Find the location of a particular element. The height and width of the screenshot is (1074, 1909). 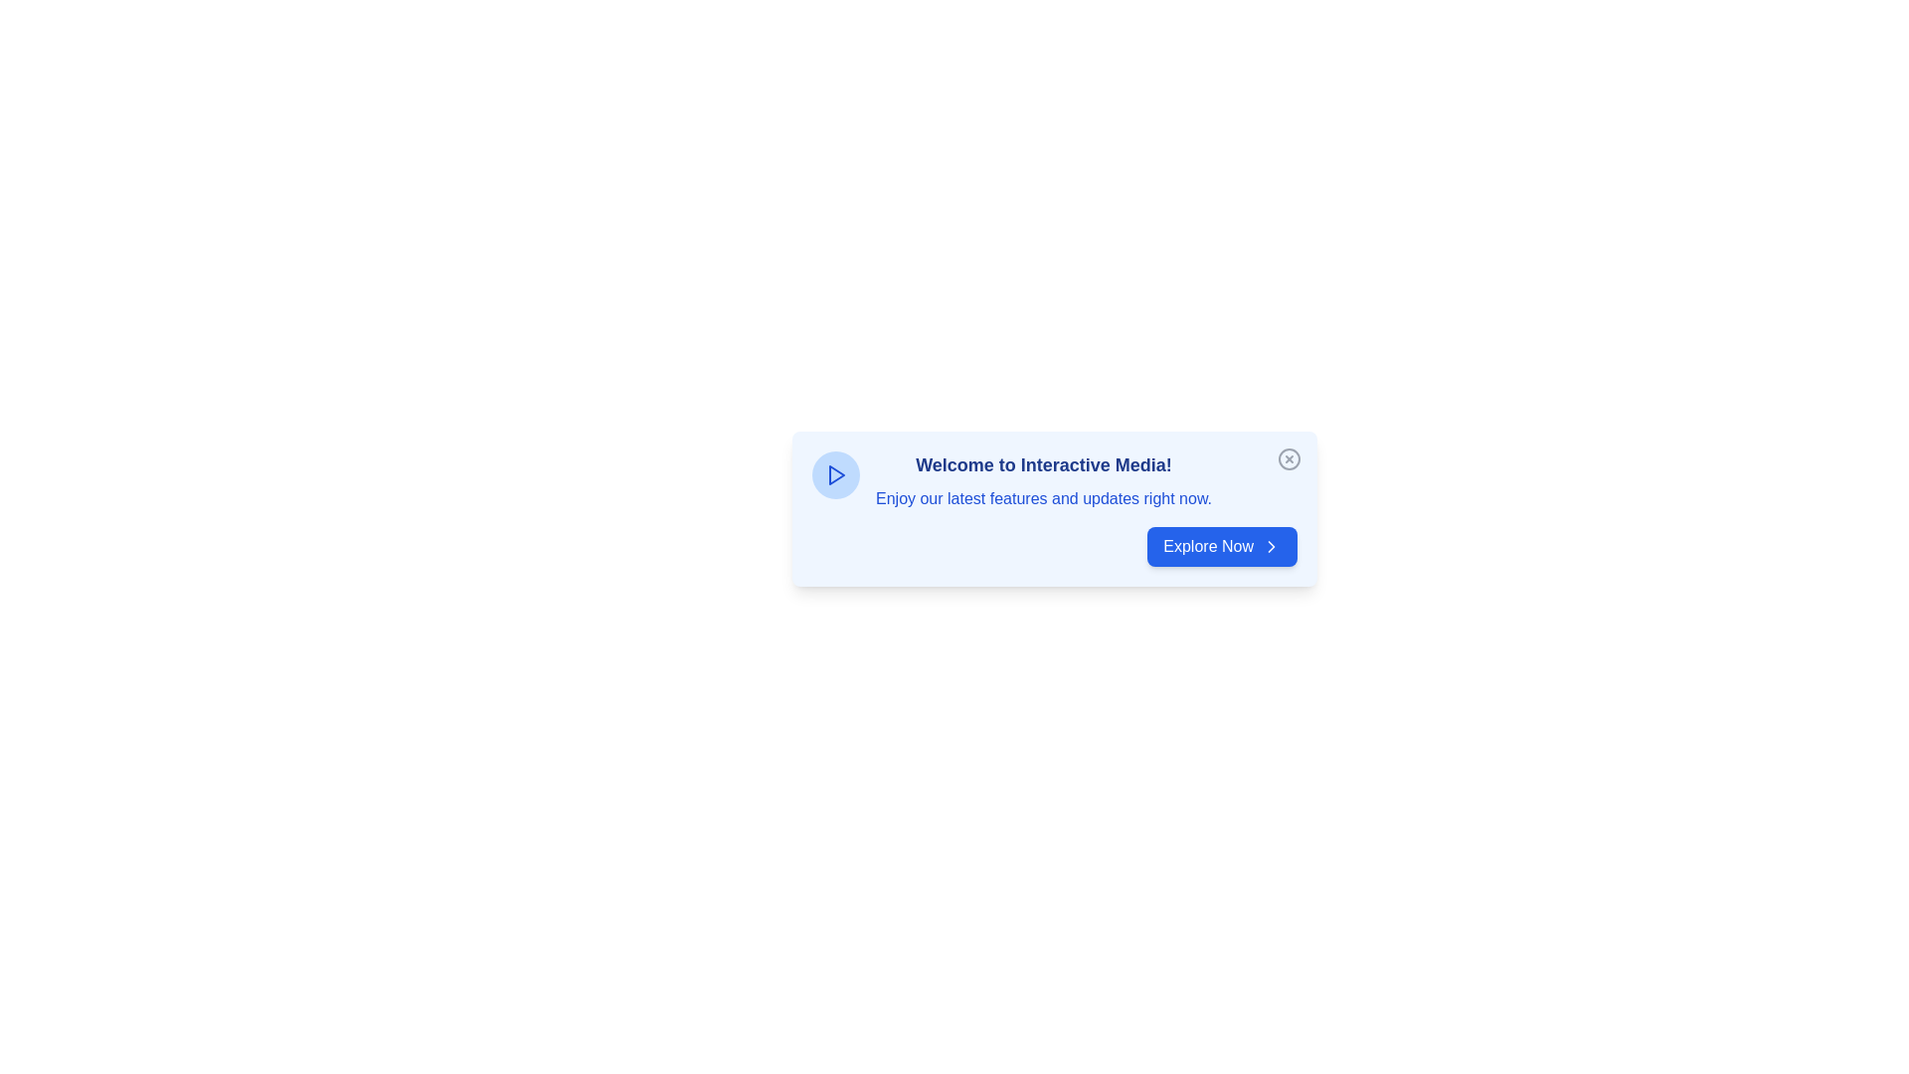

close button at the top-right corner of the alert to close it is located at coordinates (1289, 459).